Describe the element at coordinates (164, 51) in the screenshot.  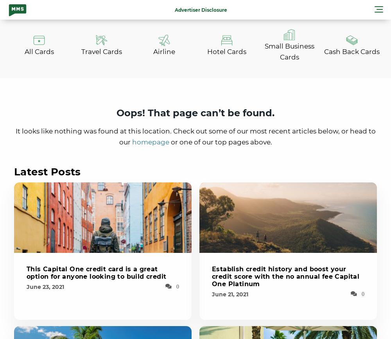
I see `'Airline'` at that location.